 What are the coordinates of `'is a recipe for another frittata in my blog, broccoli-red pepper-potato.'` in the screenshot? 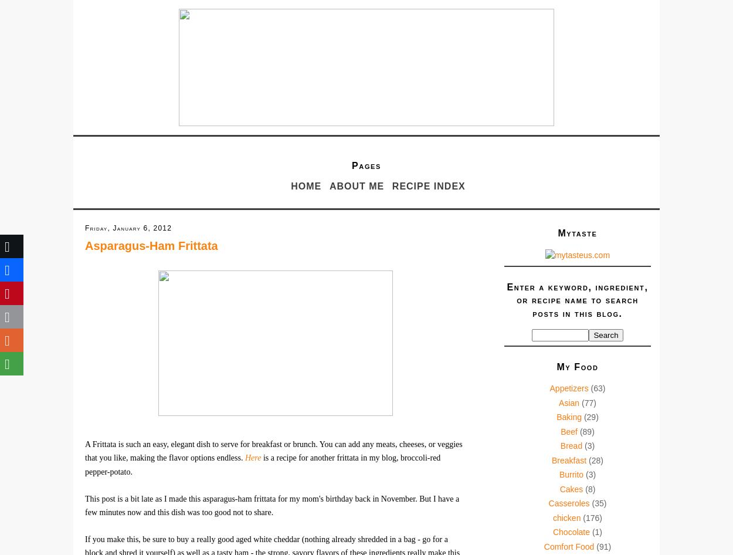 It's located at (85, 464).